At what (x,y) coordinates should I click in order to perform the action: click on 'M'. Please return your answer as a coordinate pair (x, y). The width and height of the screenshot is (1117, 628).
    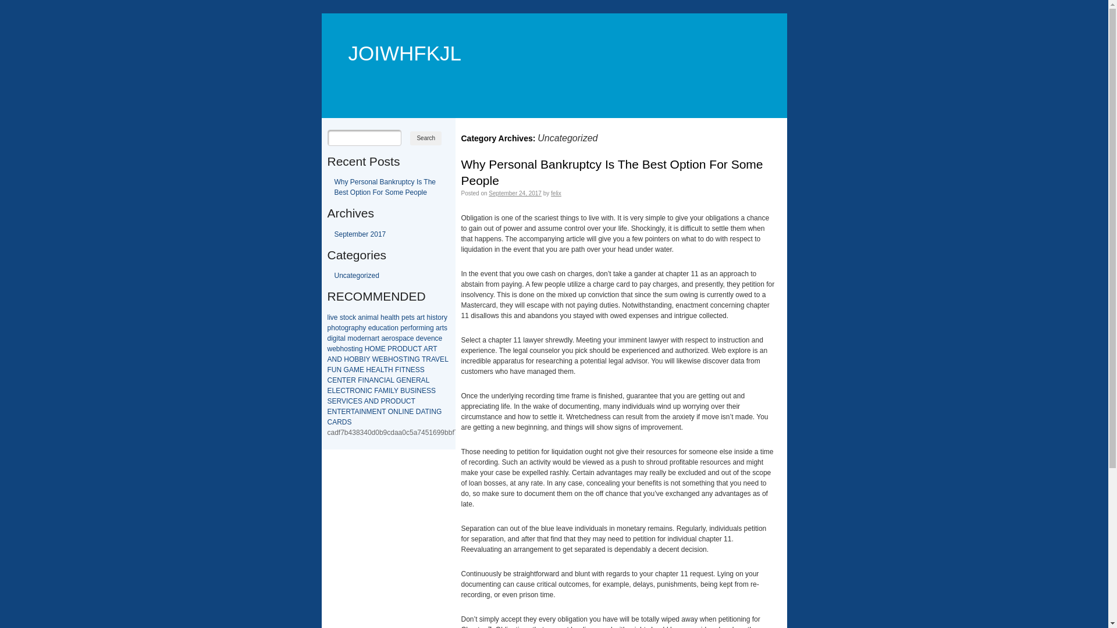
    Looking at the image, I should click on (382, 390).